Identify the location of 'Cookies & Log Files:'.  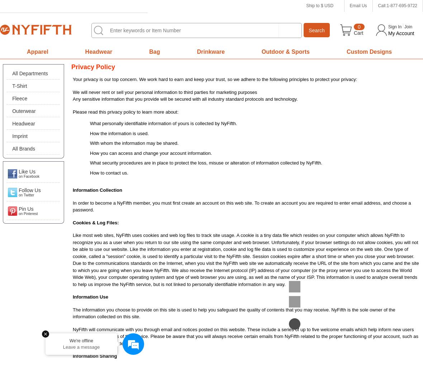
(96, 222).